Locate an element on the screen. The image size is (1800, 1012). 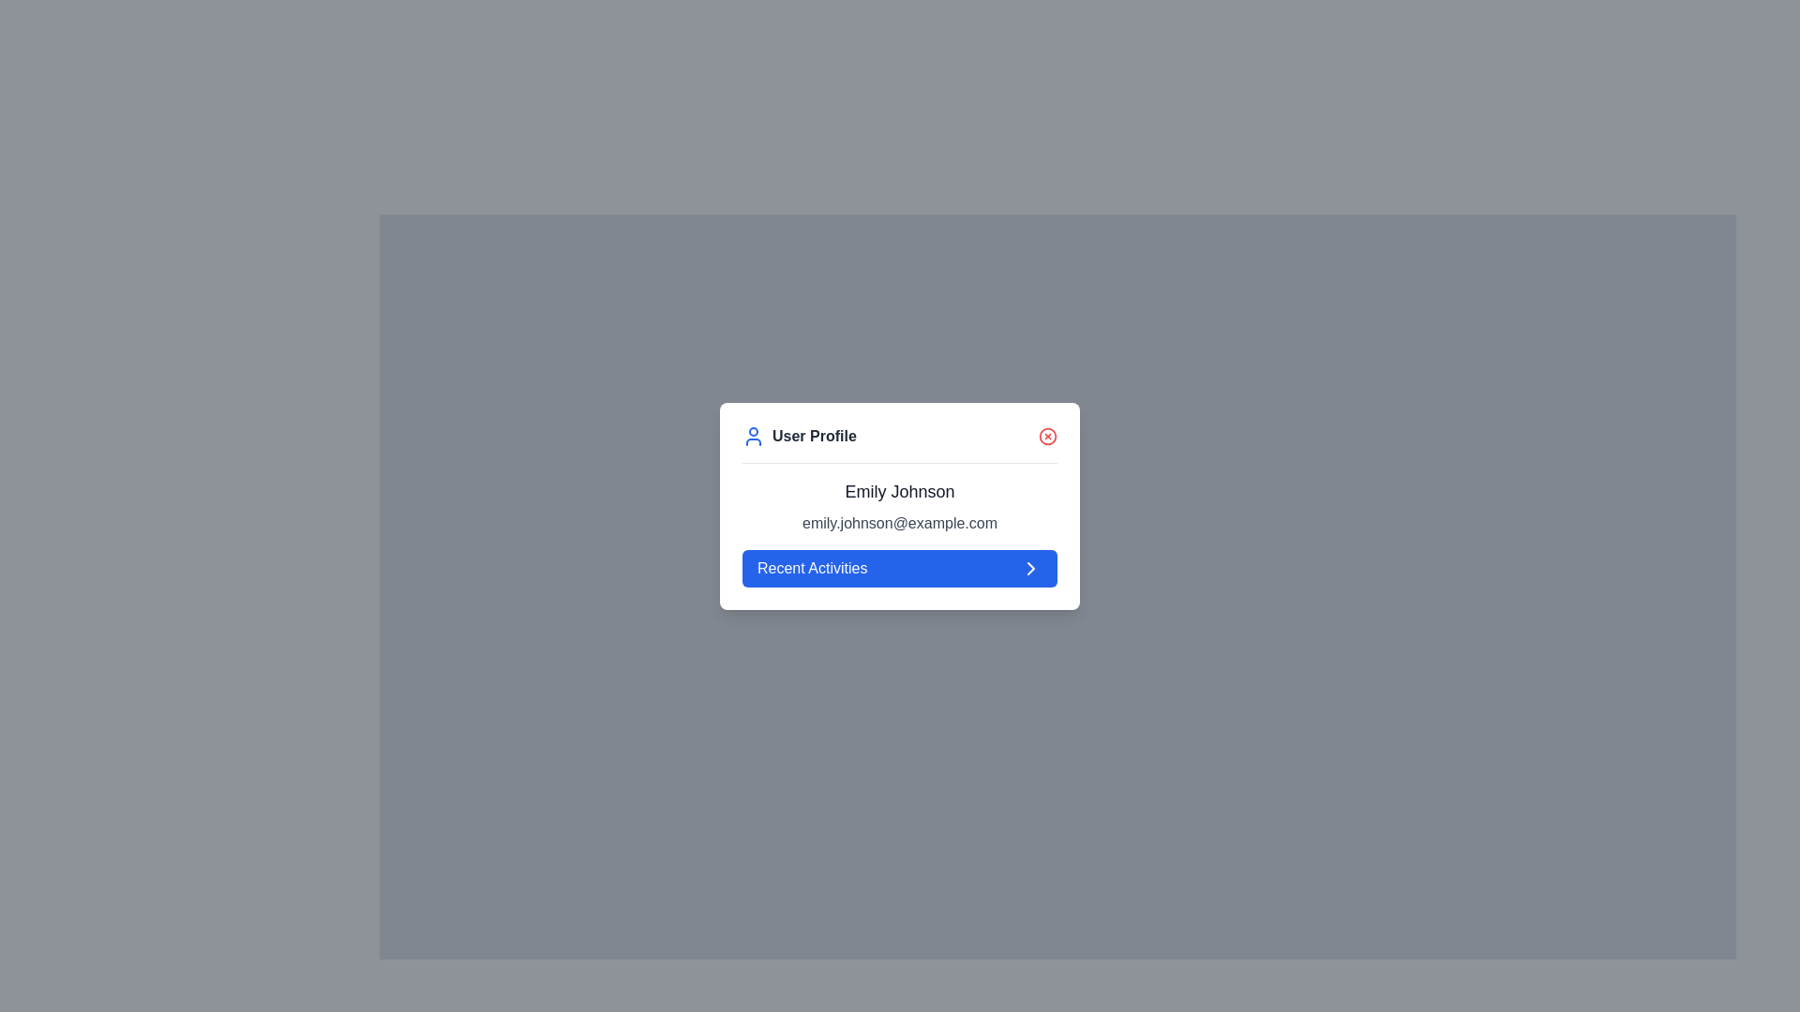
the chevron icon located on the far right of the 'Recent Activities' button is located at coordinates (1029, 566).